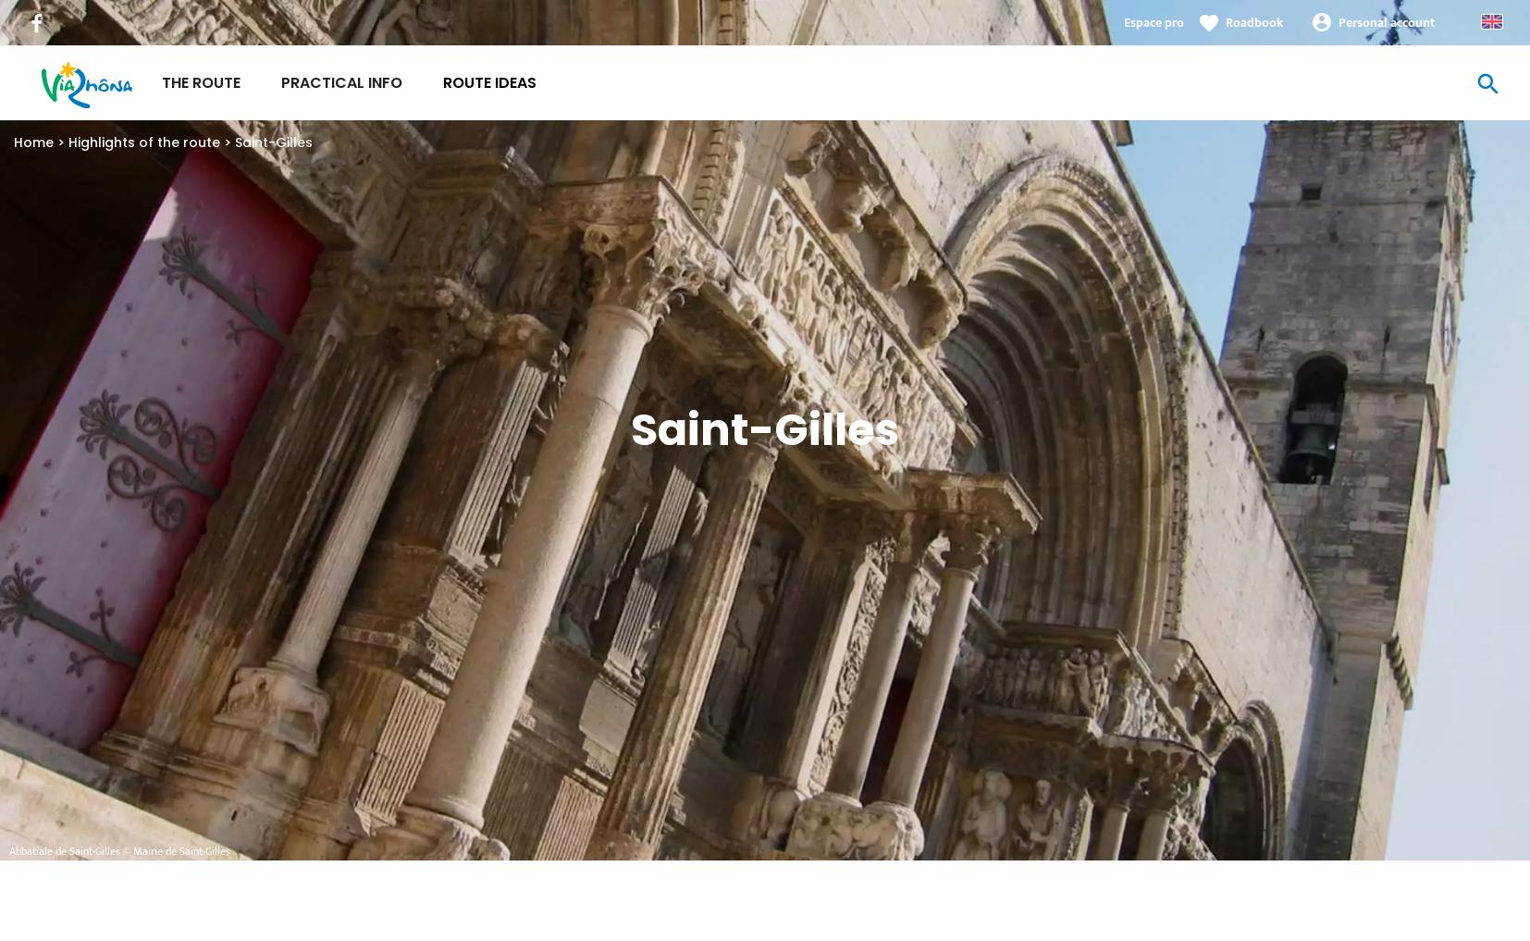 Image resolution: width=1530 pixels, height=941 pixels. I want to click on 'Route ideas', so click(489, 82).